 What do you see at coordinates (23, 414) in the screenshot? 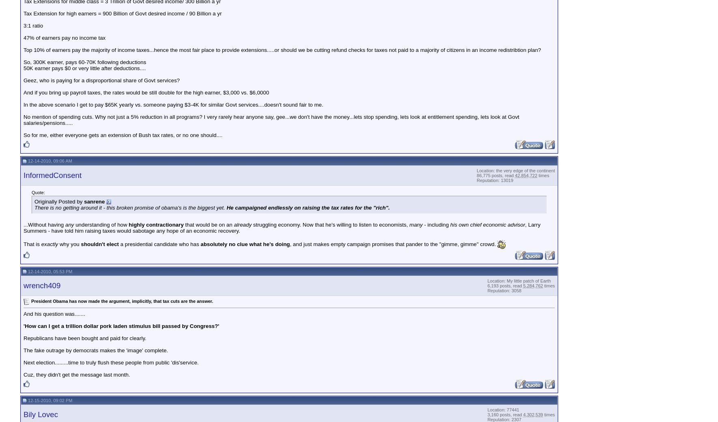
I see `'Bily Lovec'` at bounding box center [23, 414].